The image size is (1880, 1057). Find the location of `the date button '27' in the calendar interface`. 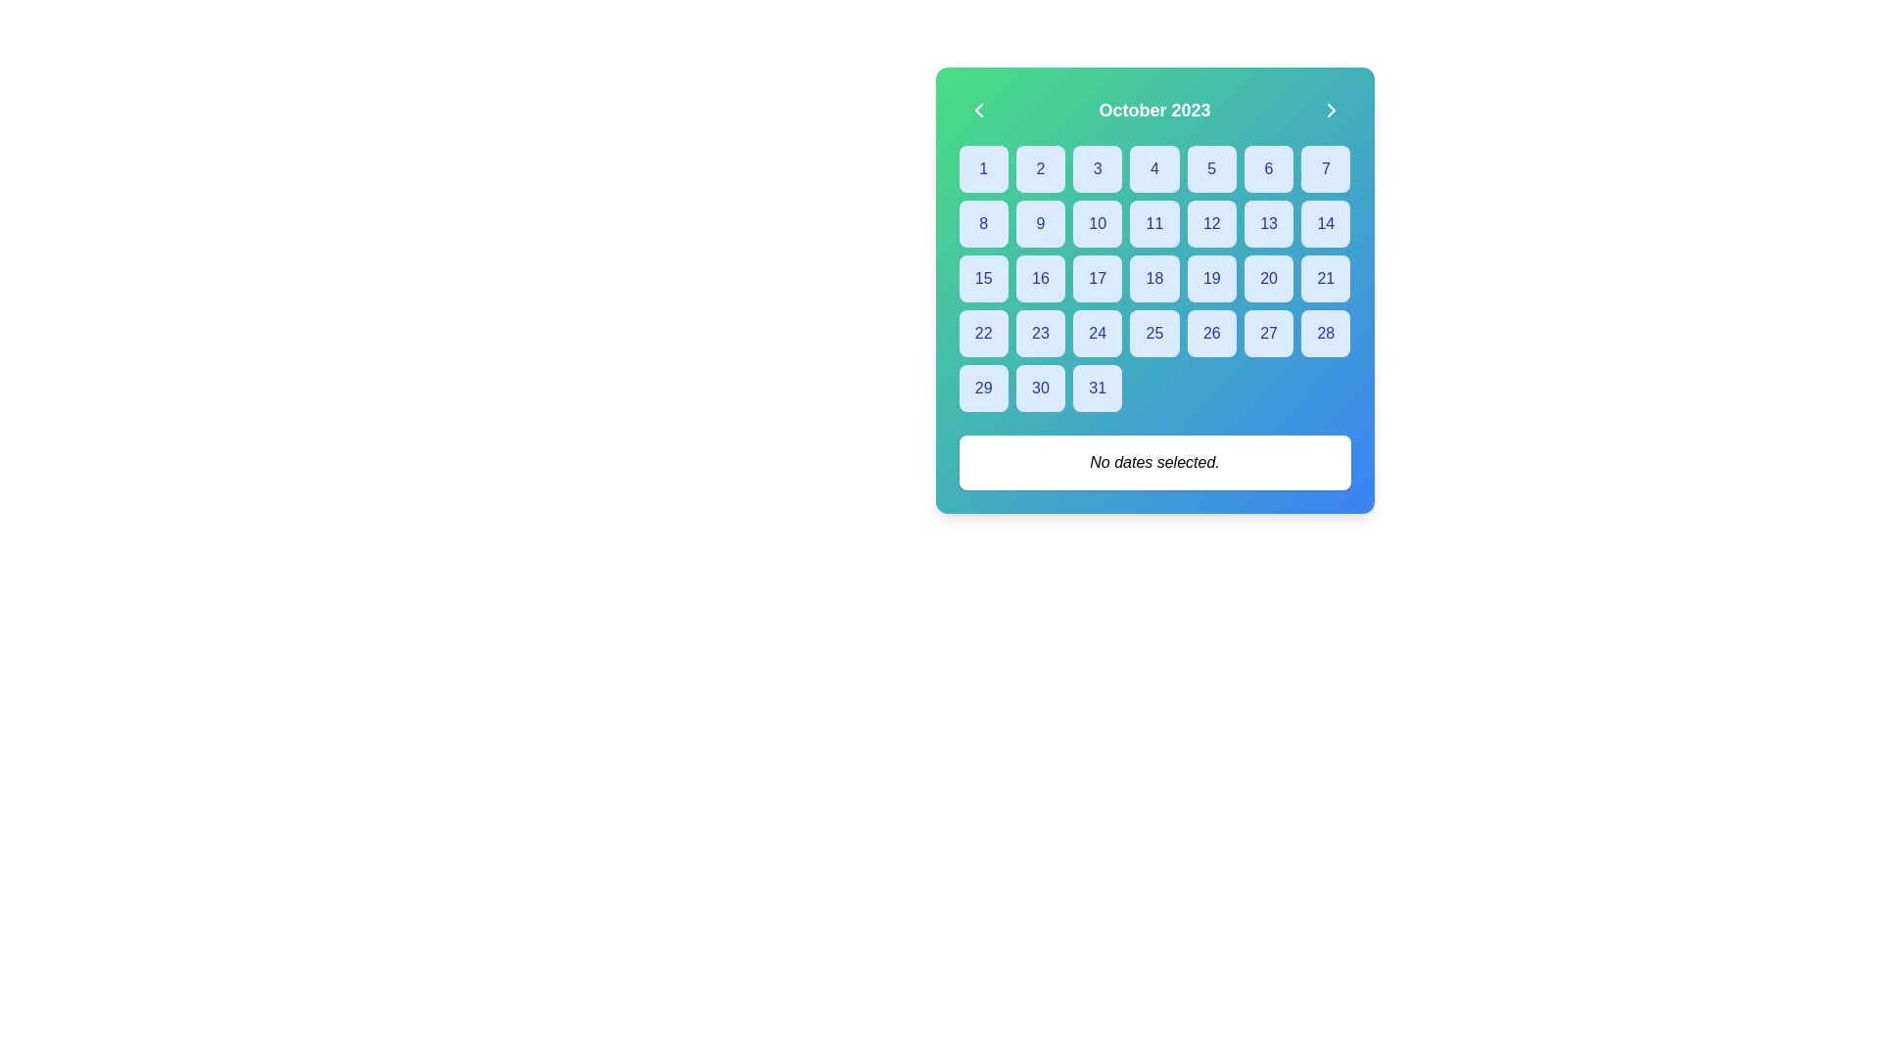

the date button '27' in the calendar interface is located at coordinates (1269, 332).